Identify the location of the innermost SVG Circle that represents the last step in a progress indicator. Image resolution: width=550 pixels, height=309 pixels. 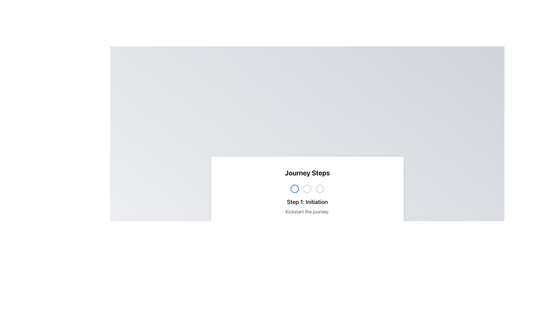
(320, 189).